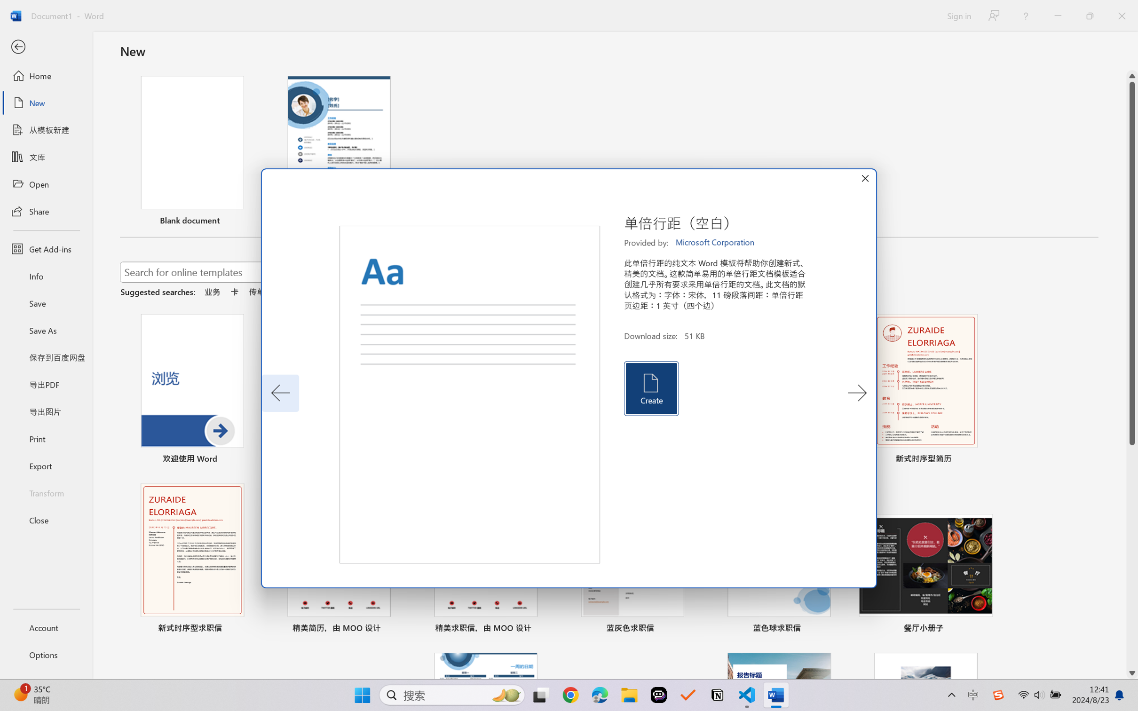 The height and width of the screenshot is (711, 1138). I want to click on 'Back', so click(46, 47).